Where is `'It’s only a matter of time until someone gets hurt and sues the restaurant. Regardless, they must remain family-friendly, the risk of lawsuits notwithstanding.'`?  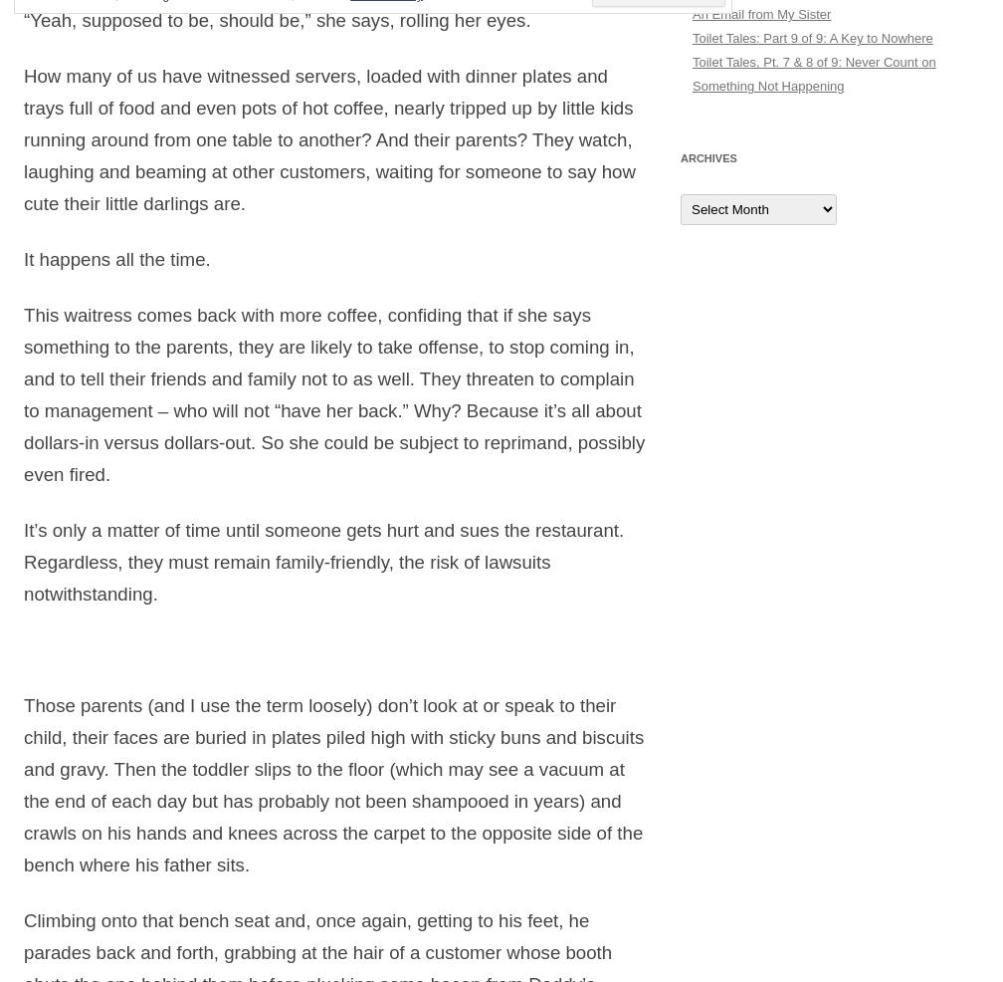 'It’s only a matter of time until someone gets hurt and sues the restaurant. Regardless, they must remain family-friendly, the risk of lawsuits notwithstanding.' is located at coordinates (323, 561).